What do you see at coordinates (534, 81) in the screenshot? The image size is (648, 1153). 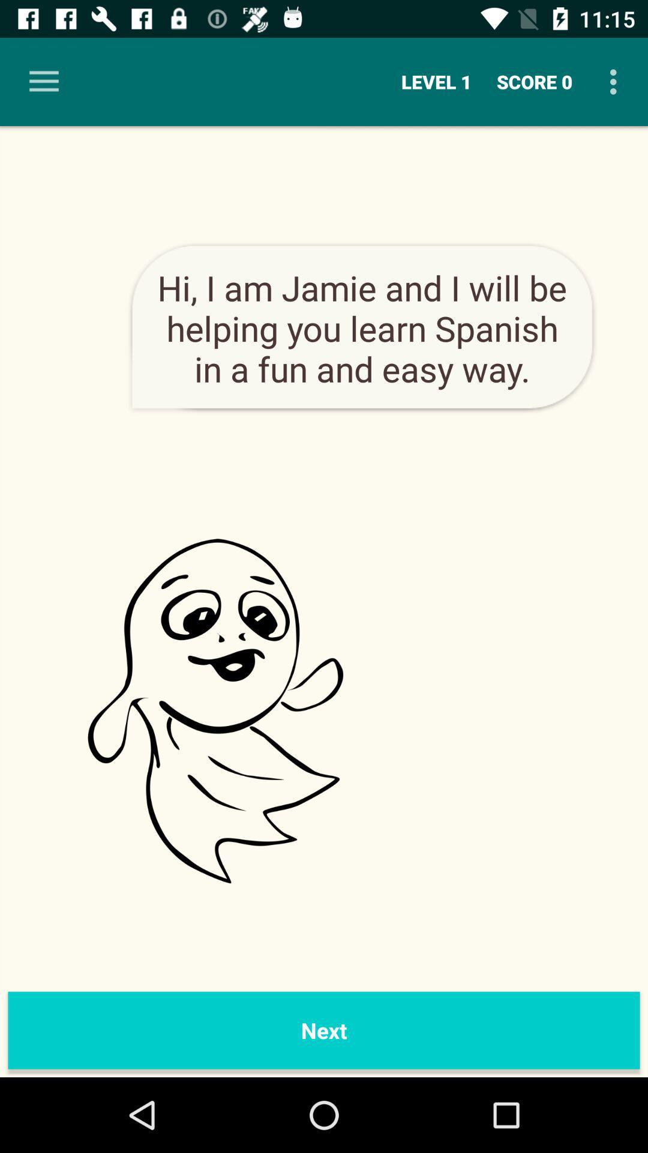 I see `the score 0 icon` at bounding box center [534, 81].